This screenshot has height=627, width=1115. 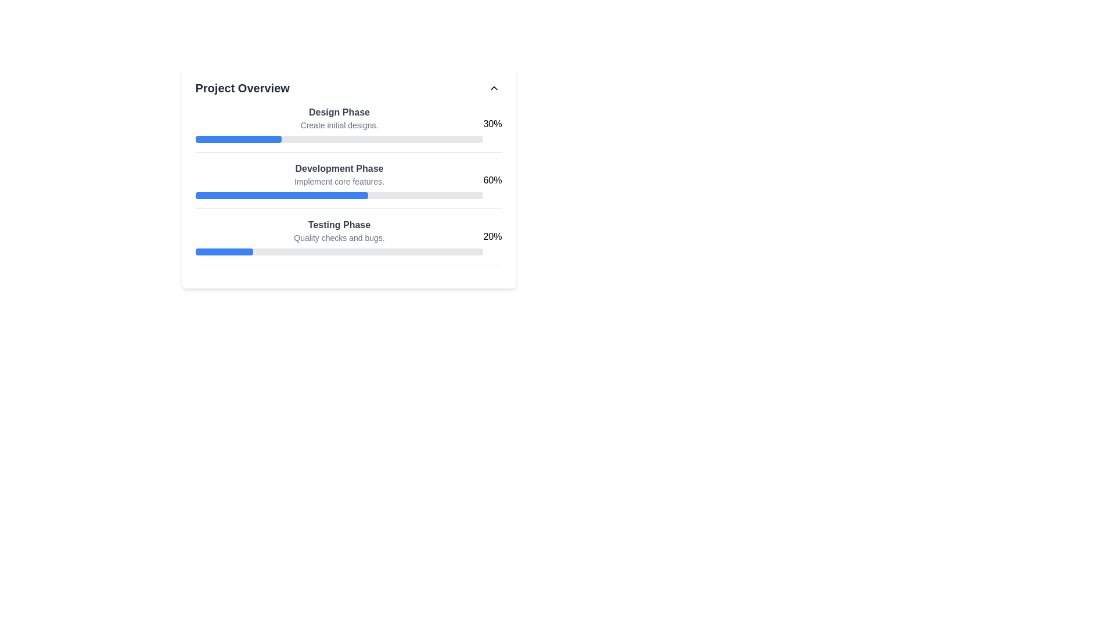 What do you see at coordinates (339, 168) in the screenshot?
I see `the text label displaying 'Development Phase', which is styled in bold gray font and located in the second row under 'Project Overview'` at bounding box center [339, 168].